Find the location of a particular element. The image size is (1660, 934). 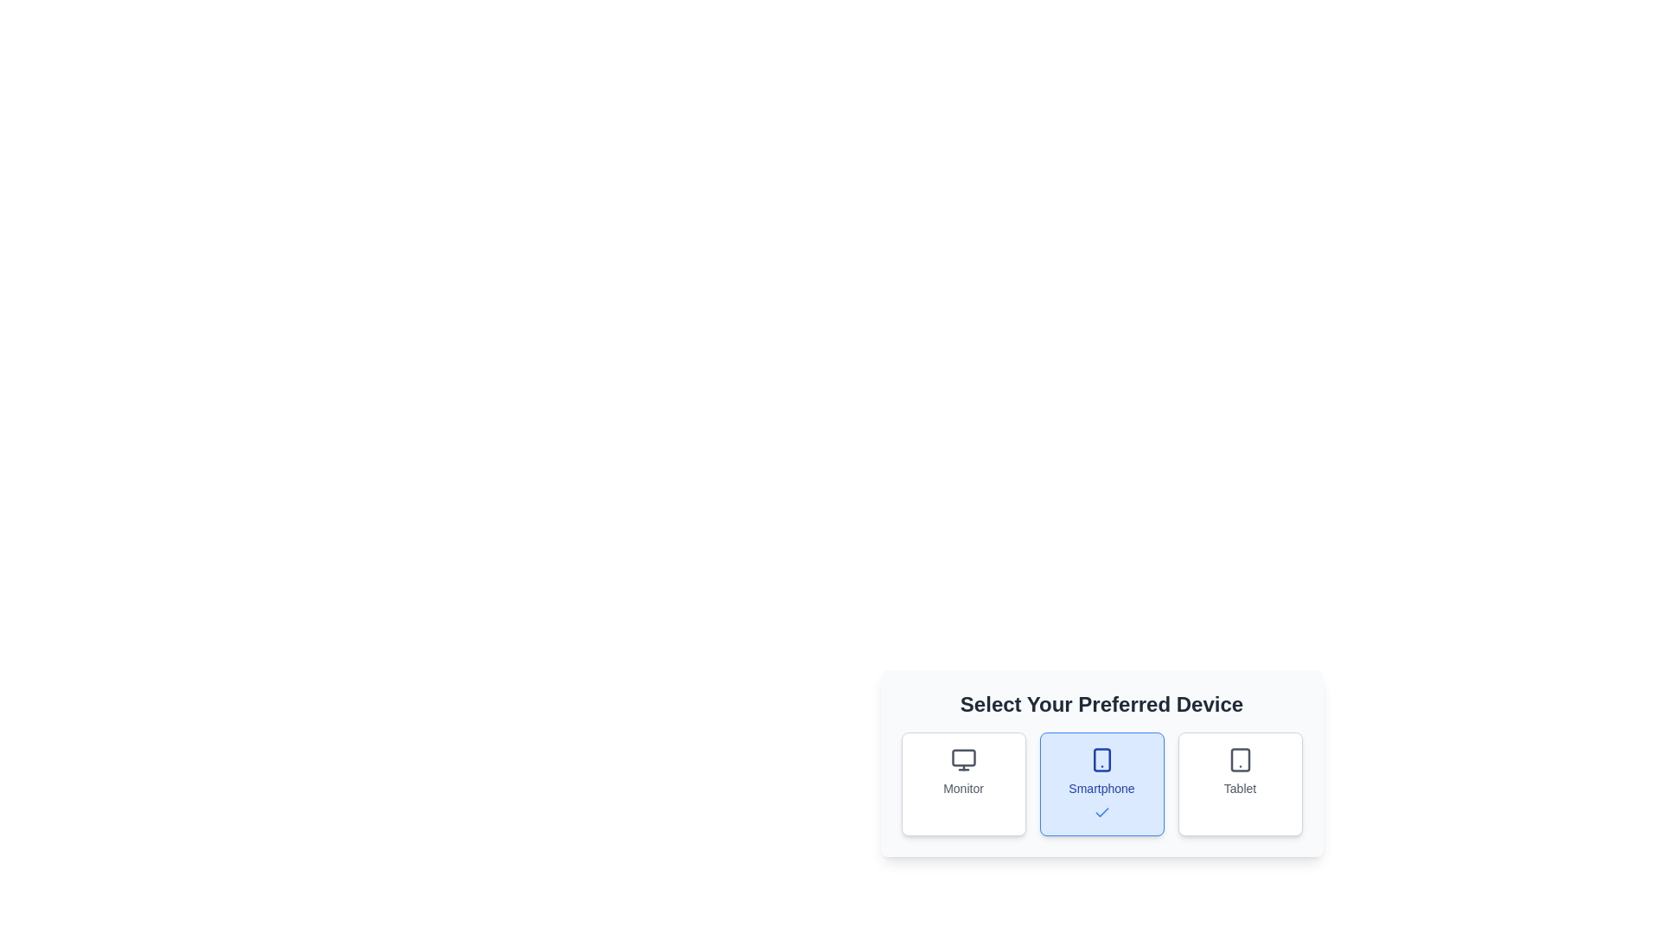

the 'Smartphone' option in the selection control group is located at coordinates (1101, 788).